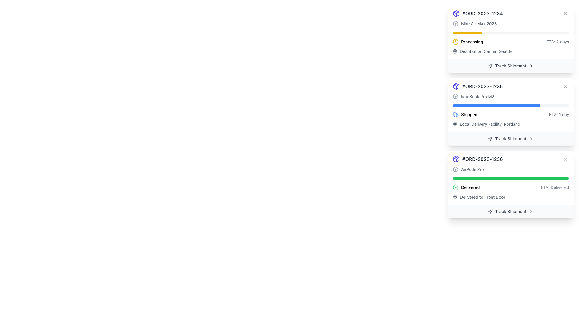 The image size is (579, 325). What do you see at coordinates (455, 51) in the screenshot?
I see `the location pin icon adjacent to the text 'Distribution Center, Seattle', which is part of the first card in the stacked information cards` at bounding box center [455, 51].